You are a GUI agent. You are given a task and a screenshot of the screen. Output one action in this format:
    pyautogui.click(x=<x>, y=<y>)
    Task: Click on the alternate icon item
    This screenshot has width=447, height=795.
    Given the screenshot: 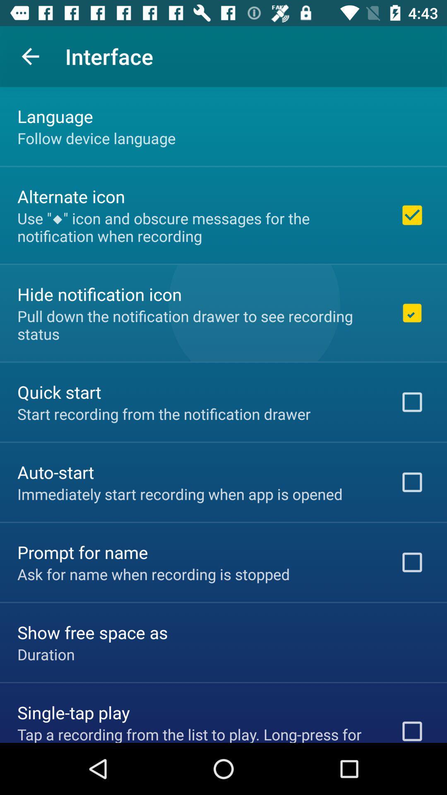 What is the action you would take?
    pyautogui.click(x=71, y=196)
    